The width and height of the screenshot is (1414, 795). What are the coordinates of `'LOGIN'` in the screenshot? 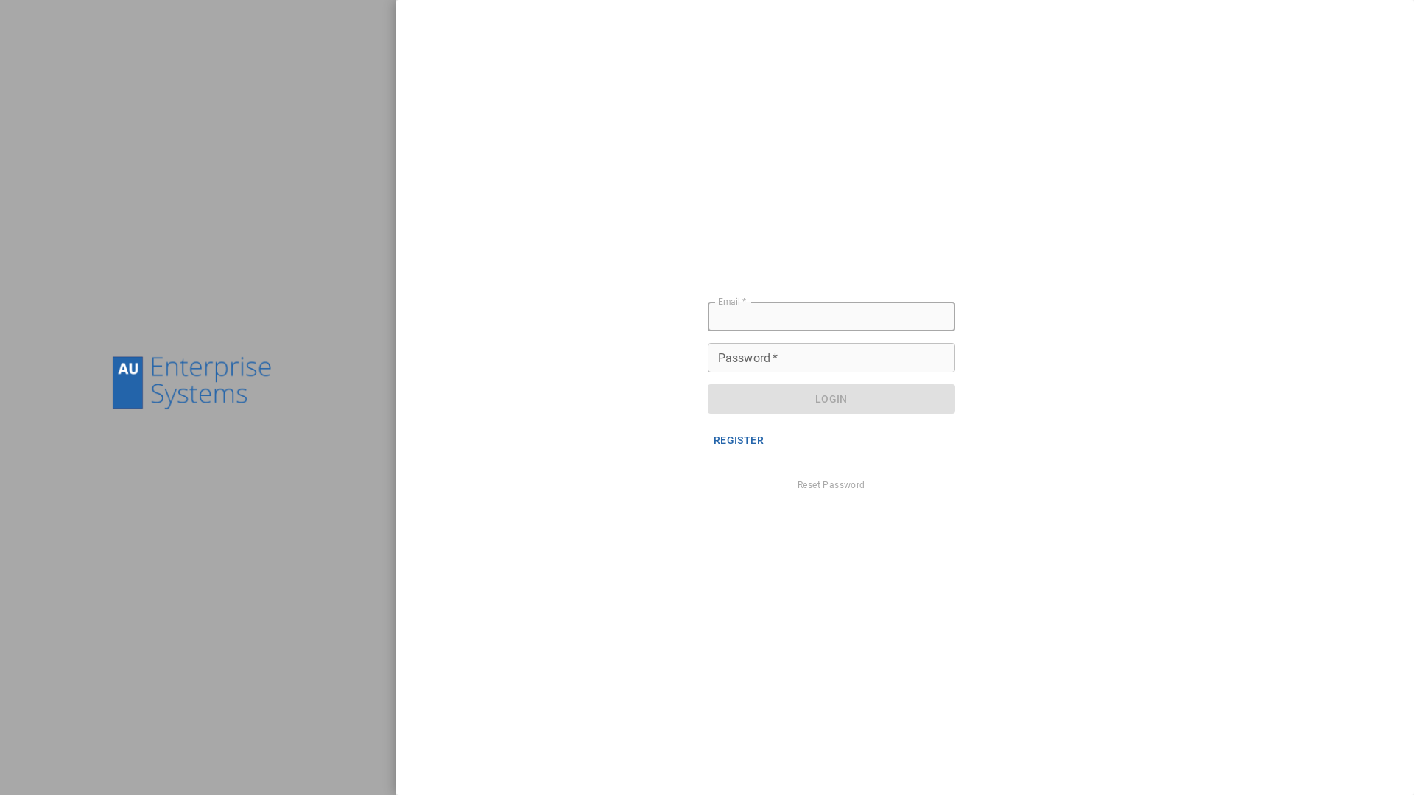 It's located at (831, 399).